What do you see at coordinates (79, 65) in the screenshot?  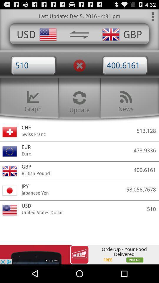 I see `switch close option` at bounding box center [79, 65].